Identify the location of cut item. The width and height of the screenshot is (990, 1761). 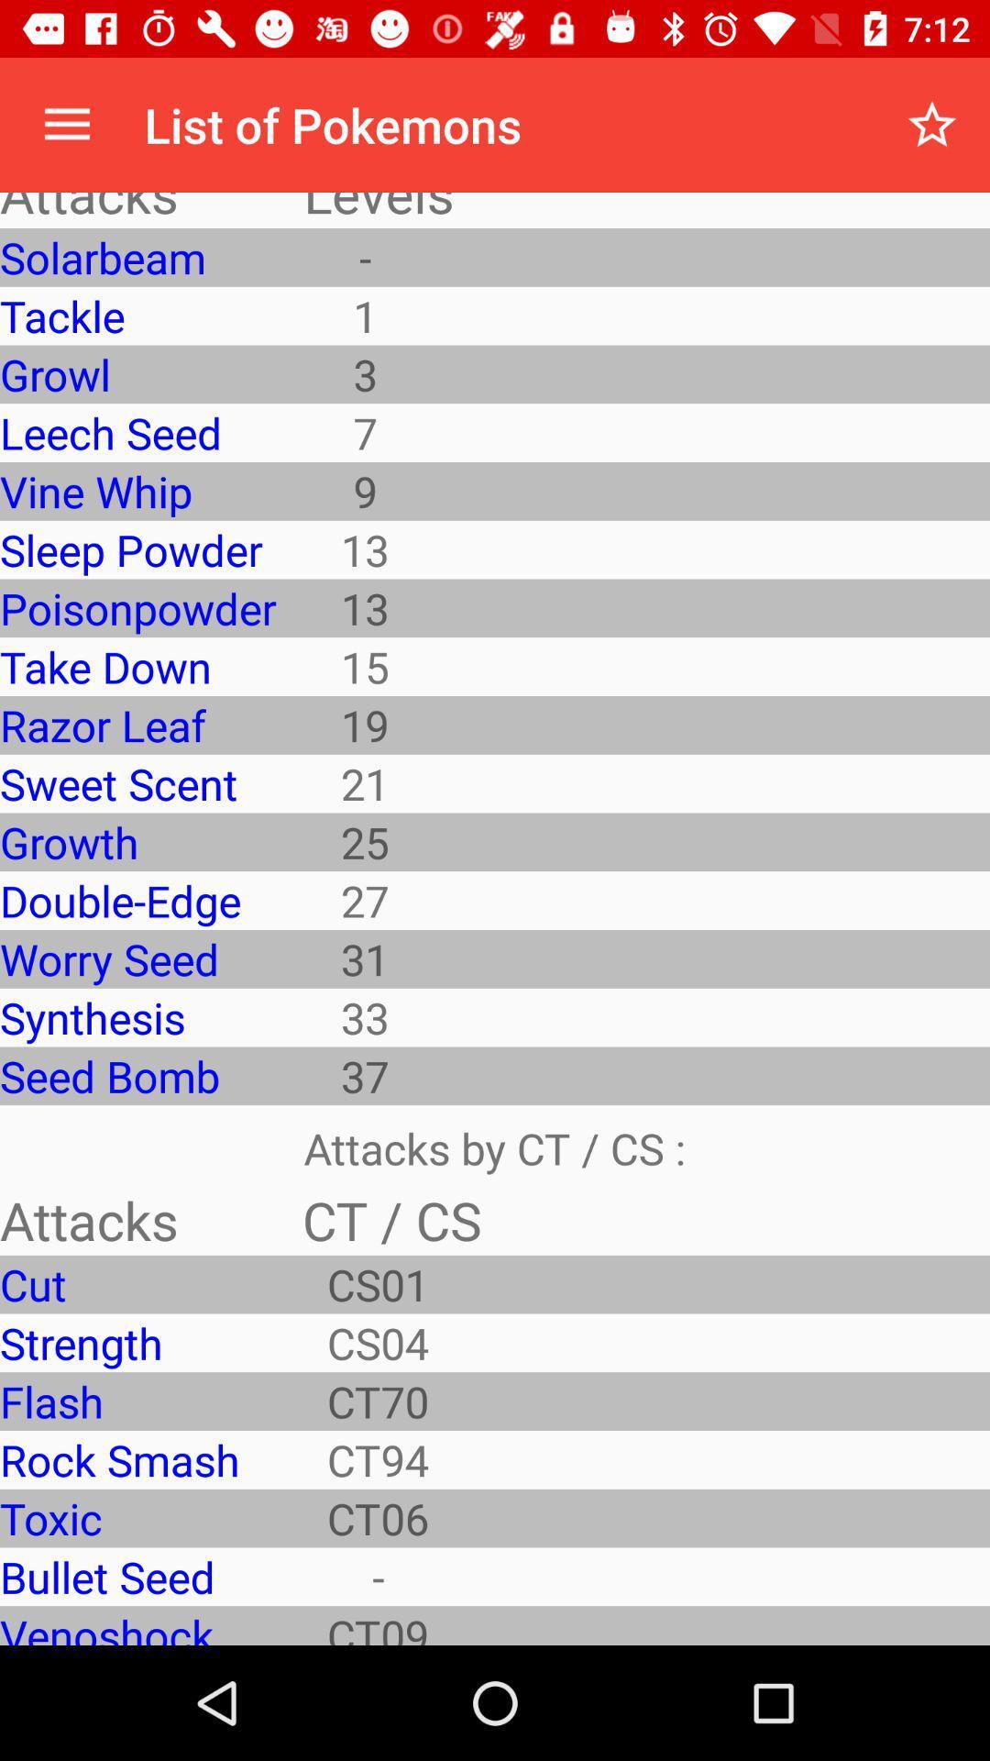
(137, 1283).